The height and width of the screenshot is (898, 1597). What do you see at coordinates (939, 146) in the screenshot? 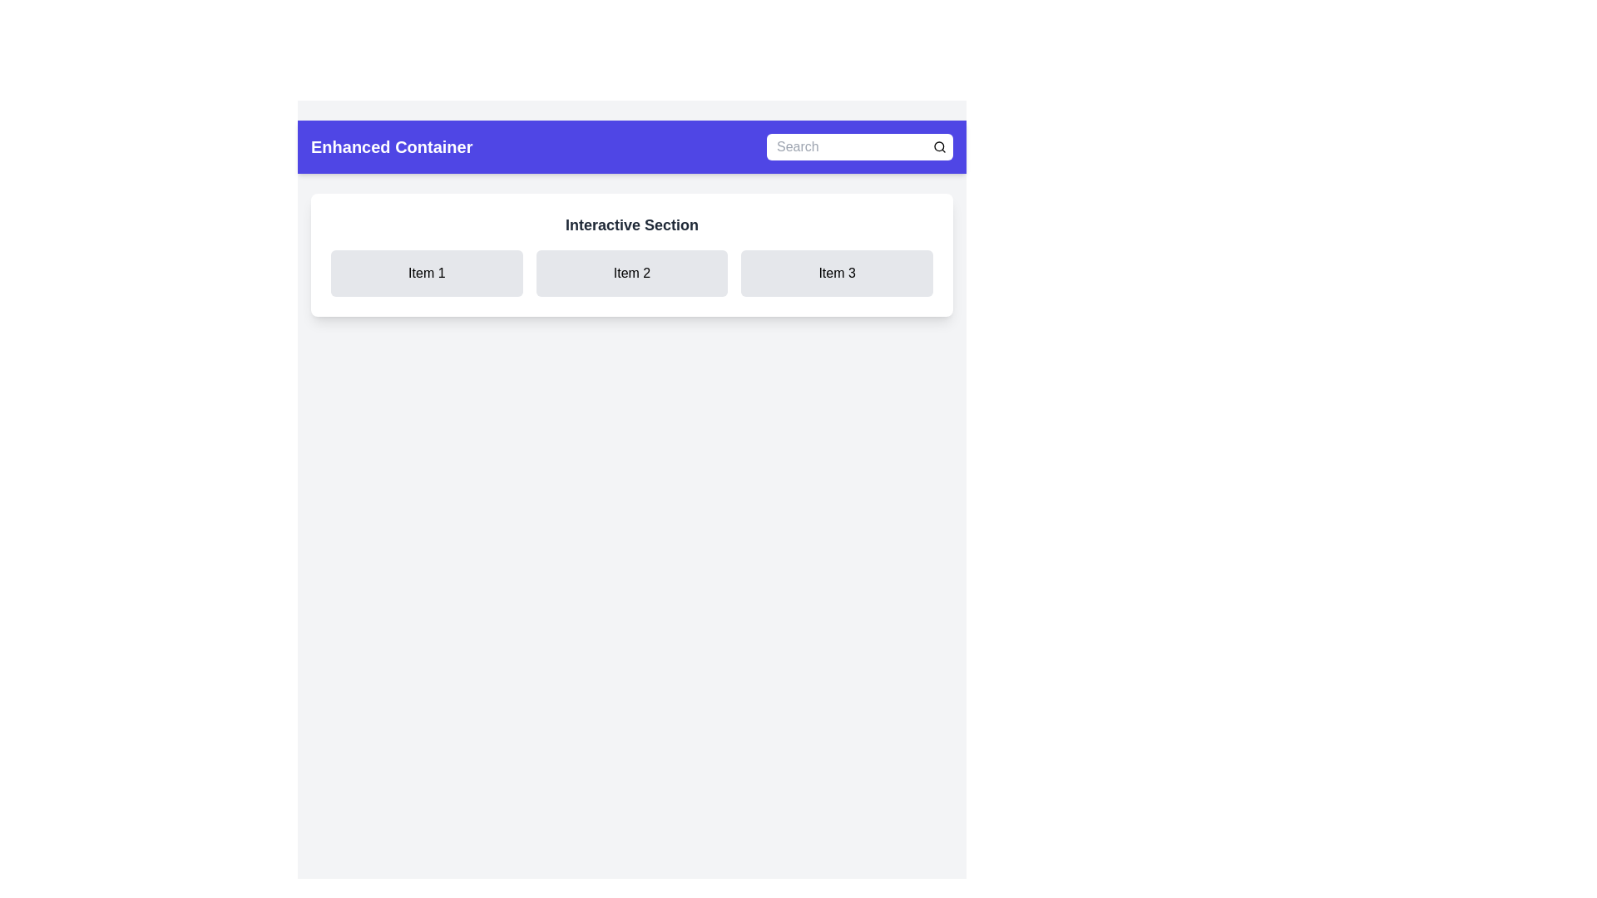
I see `the small black magnifying glass icon located in the top-right corner of the application` at bounding box center [939, 146].